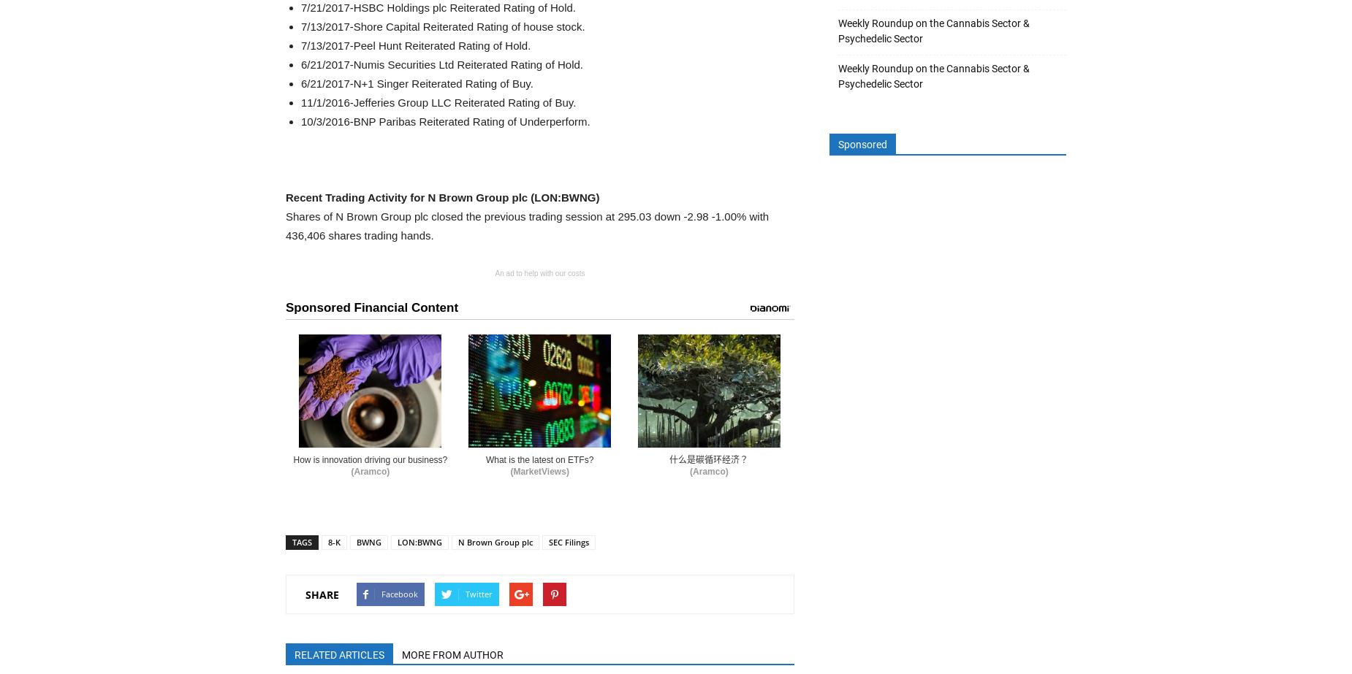  What do you see at coordinates (457, 541) in the screenshot?
I see `'N Brown Group plc'` at bounding box center [457, 541].